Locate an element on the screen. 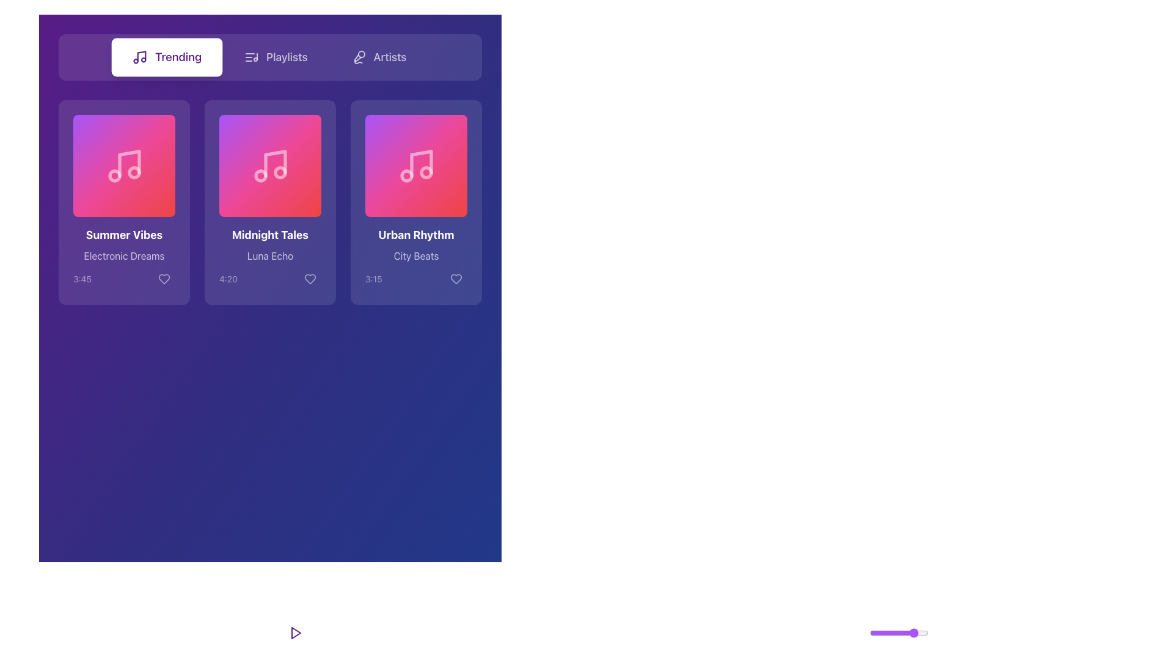 Image resolution: width=1173 pixels, height=660 pixels. the audio track card located as the third item is located at coordinates (416, 202).